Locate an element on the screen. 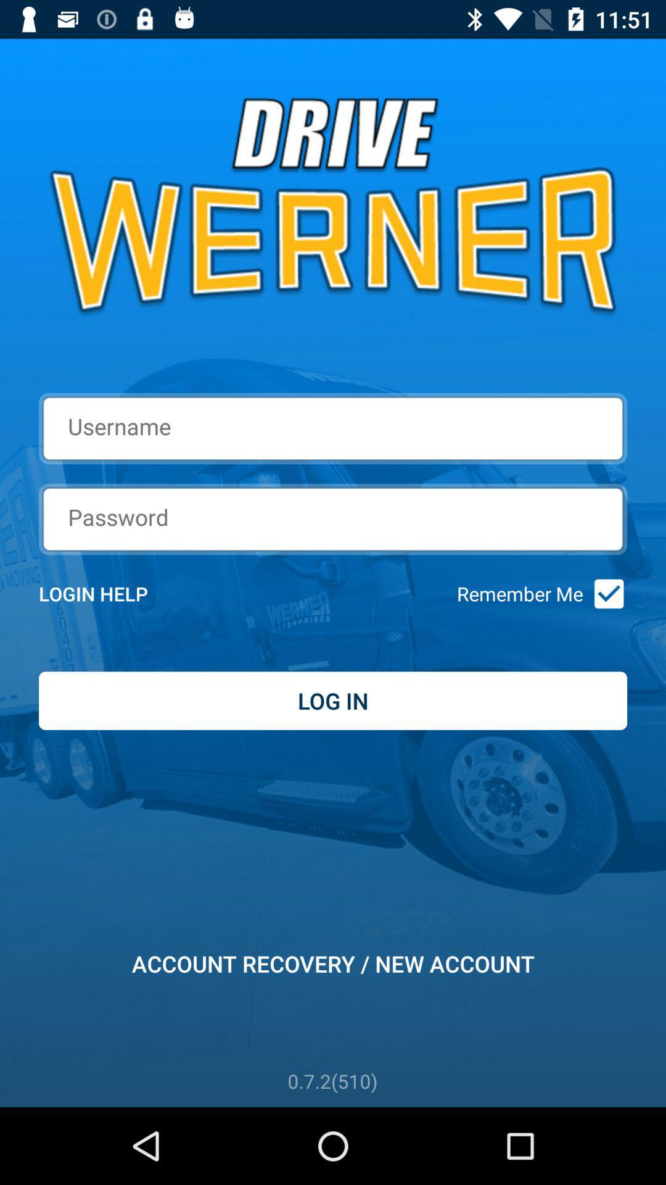 Image resolution: width=666 pixels, height=1185 pixels. account recovery new icon is located at coordinates (333, 963).